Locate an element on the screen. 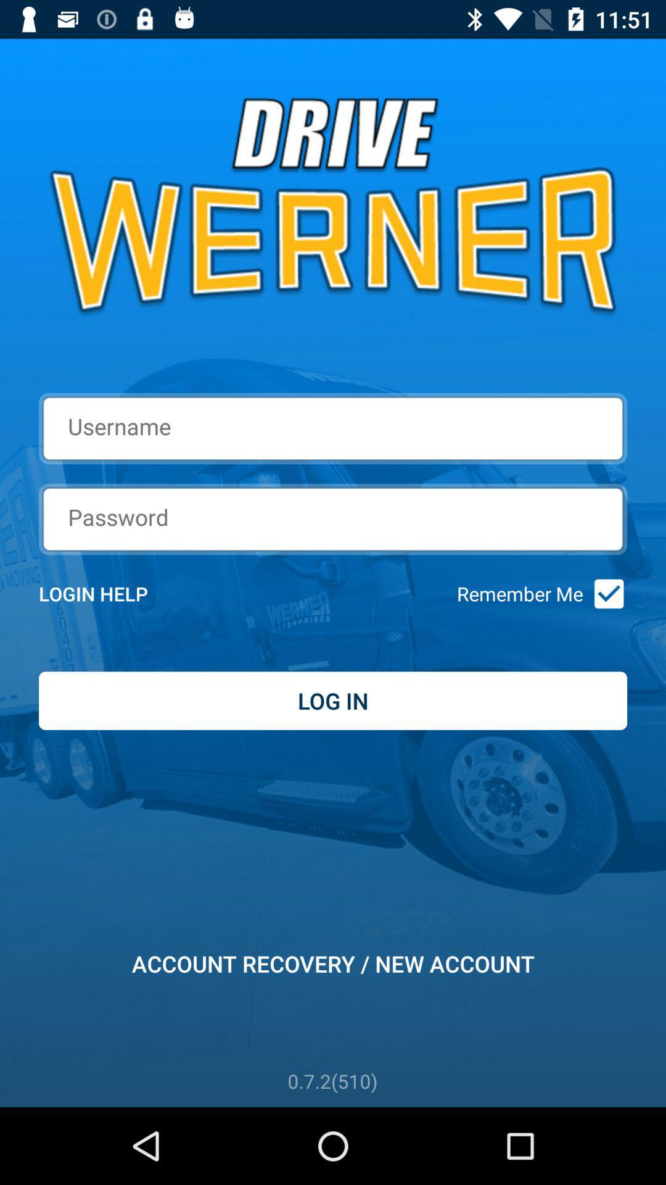 Image resolution: width=666 pixels, height=1185 pixels. account recovery new icon is located at coordinates (333, 963).